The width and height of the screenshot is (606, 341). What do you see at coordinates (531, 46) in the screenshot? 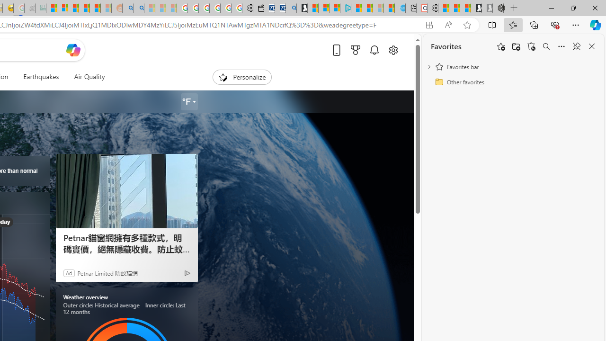
I see `'Restore deleted favorites'` at bounding box center [531, 46].